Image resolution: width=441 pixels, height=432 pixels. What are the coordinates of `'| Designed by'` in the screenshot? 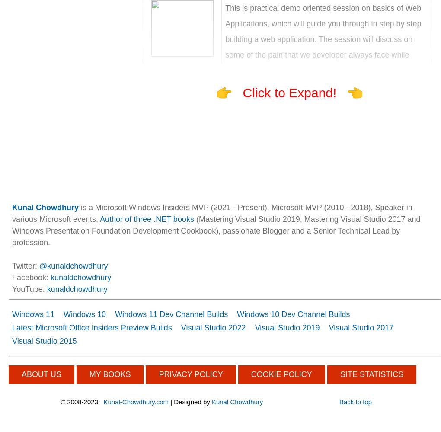 It's located at (169, 402).